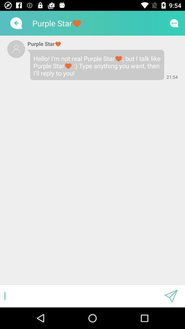 The image size is (185, 329). I want to click on the send icon, so click(171, 296).